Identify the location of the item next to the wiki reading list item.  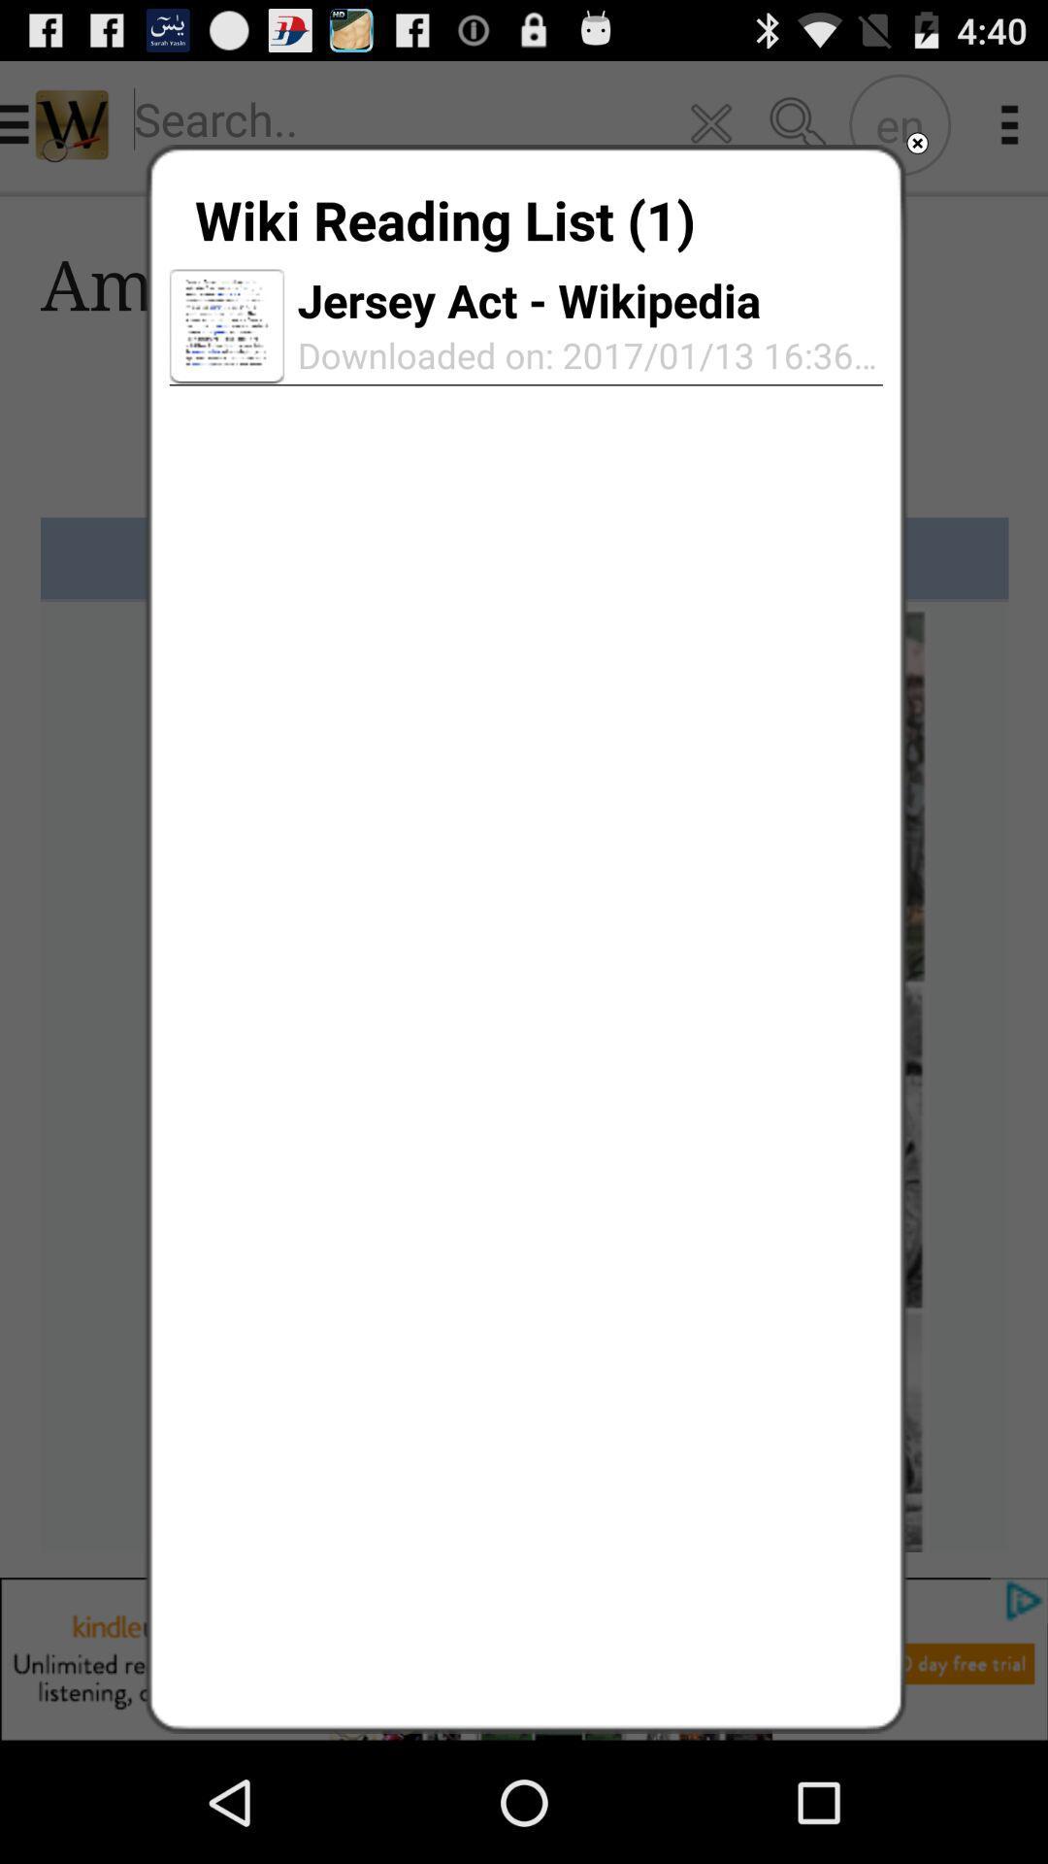
(917, 142).